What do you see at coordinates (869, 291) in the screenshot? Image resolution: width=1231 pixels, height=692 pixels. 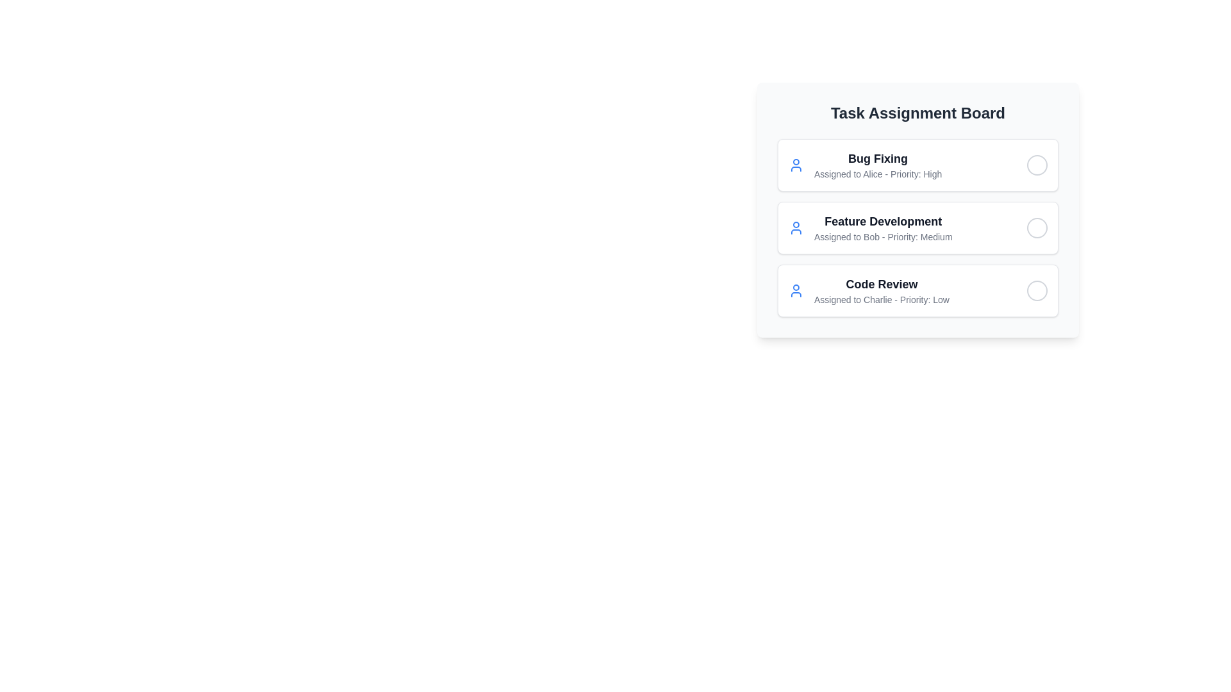 I see `displayed text from the 'Code Review' informational component, which includes the title 'Code Review' and the subtitle 'Assigned to Charlie - Priority: Low'` at bounding box center [869, 291].